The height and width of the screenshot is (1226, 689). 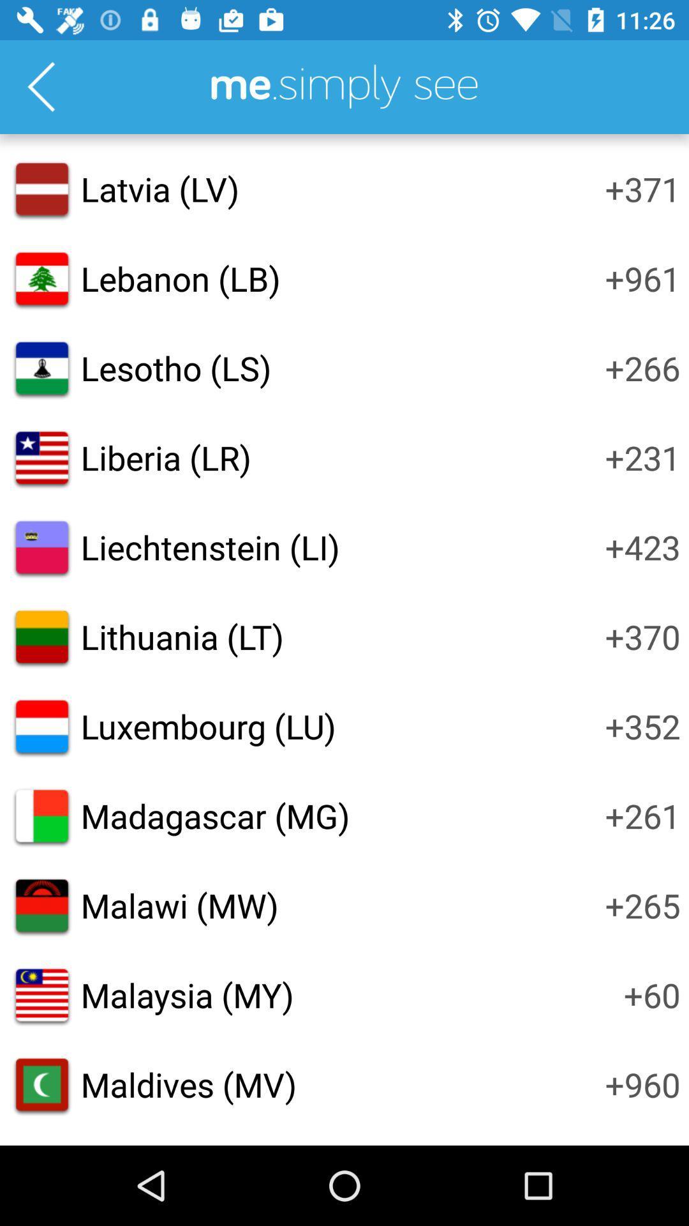 What do you see at coordinates (642, 815) in the screenshot?
I see `the item next to the madagascar (mg)` at bounding box center [642, 815].